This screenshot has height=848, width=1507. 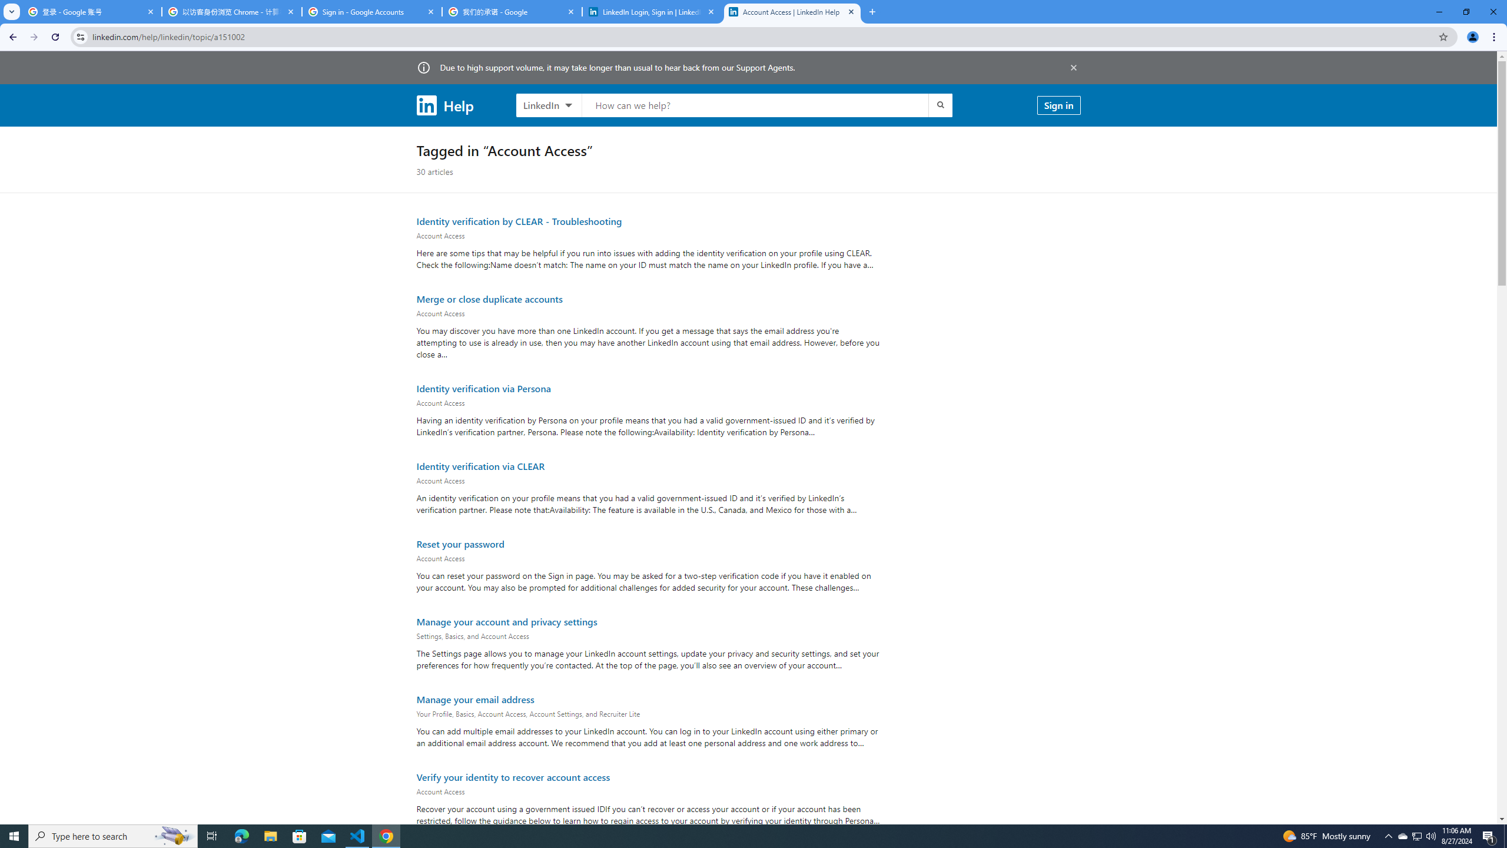 I want to click on 'Manage your account and privacy settings', so click(x=506, y=620).